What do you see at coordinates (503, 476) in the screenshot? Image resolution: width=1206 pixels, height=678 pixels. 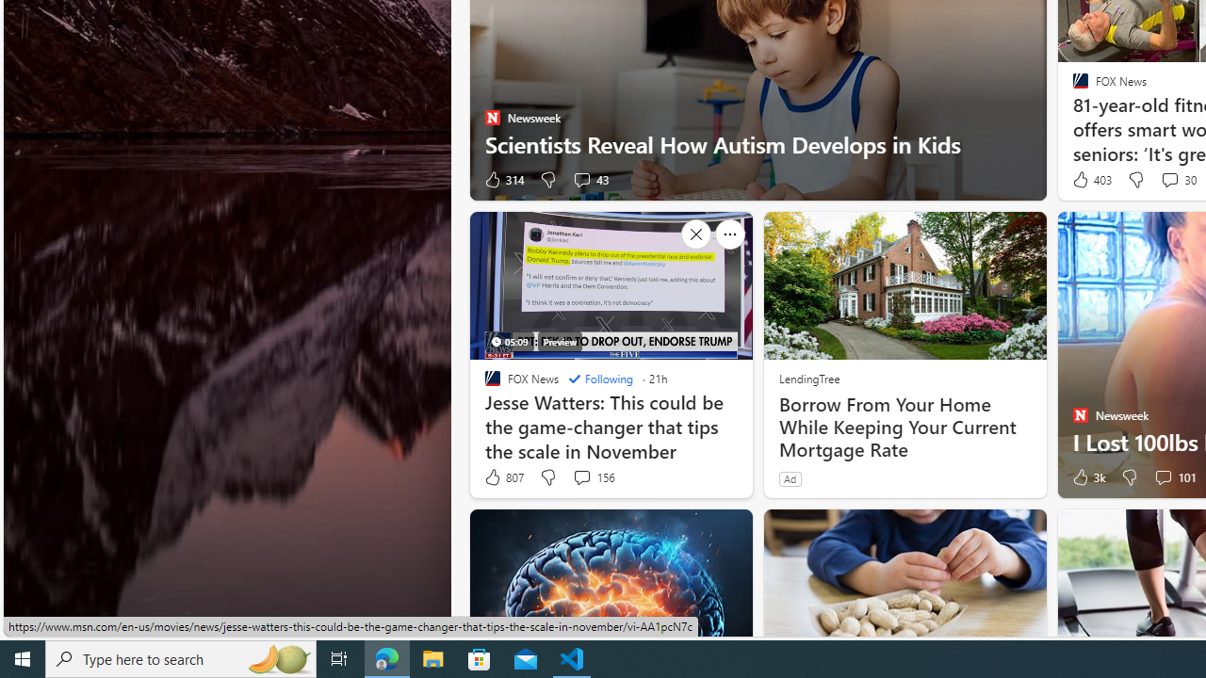 I see `'807 Like'` at bounding box center [503, 476].